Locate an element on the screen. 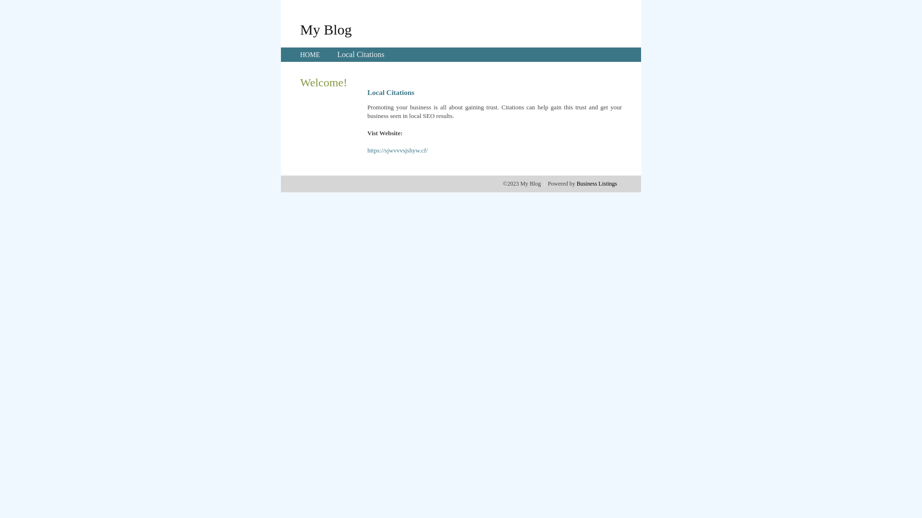 The width and height of the screenshot is (922, 518). 'https://sjwvvvsjshyw.cf/' is located at coordinates (398, 150).